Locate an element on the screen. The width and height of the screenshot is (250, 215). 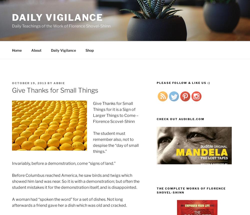
'Daily Teachings of the Work of Florence Shovel-Shinn' is located at coordinates (61, 26).